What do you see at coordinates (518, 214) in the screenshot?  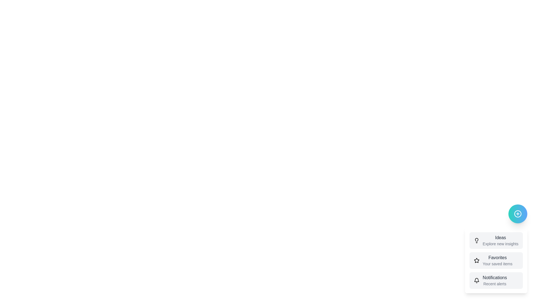 I see `the circular icon button with a plus sign, located in the bottom-right corner of the interface, above the action buttons labeled 'Ideas,' 'Favorites,' and 'Notifications.'` at bounding box center [518, 214].